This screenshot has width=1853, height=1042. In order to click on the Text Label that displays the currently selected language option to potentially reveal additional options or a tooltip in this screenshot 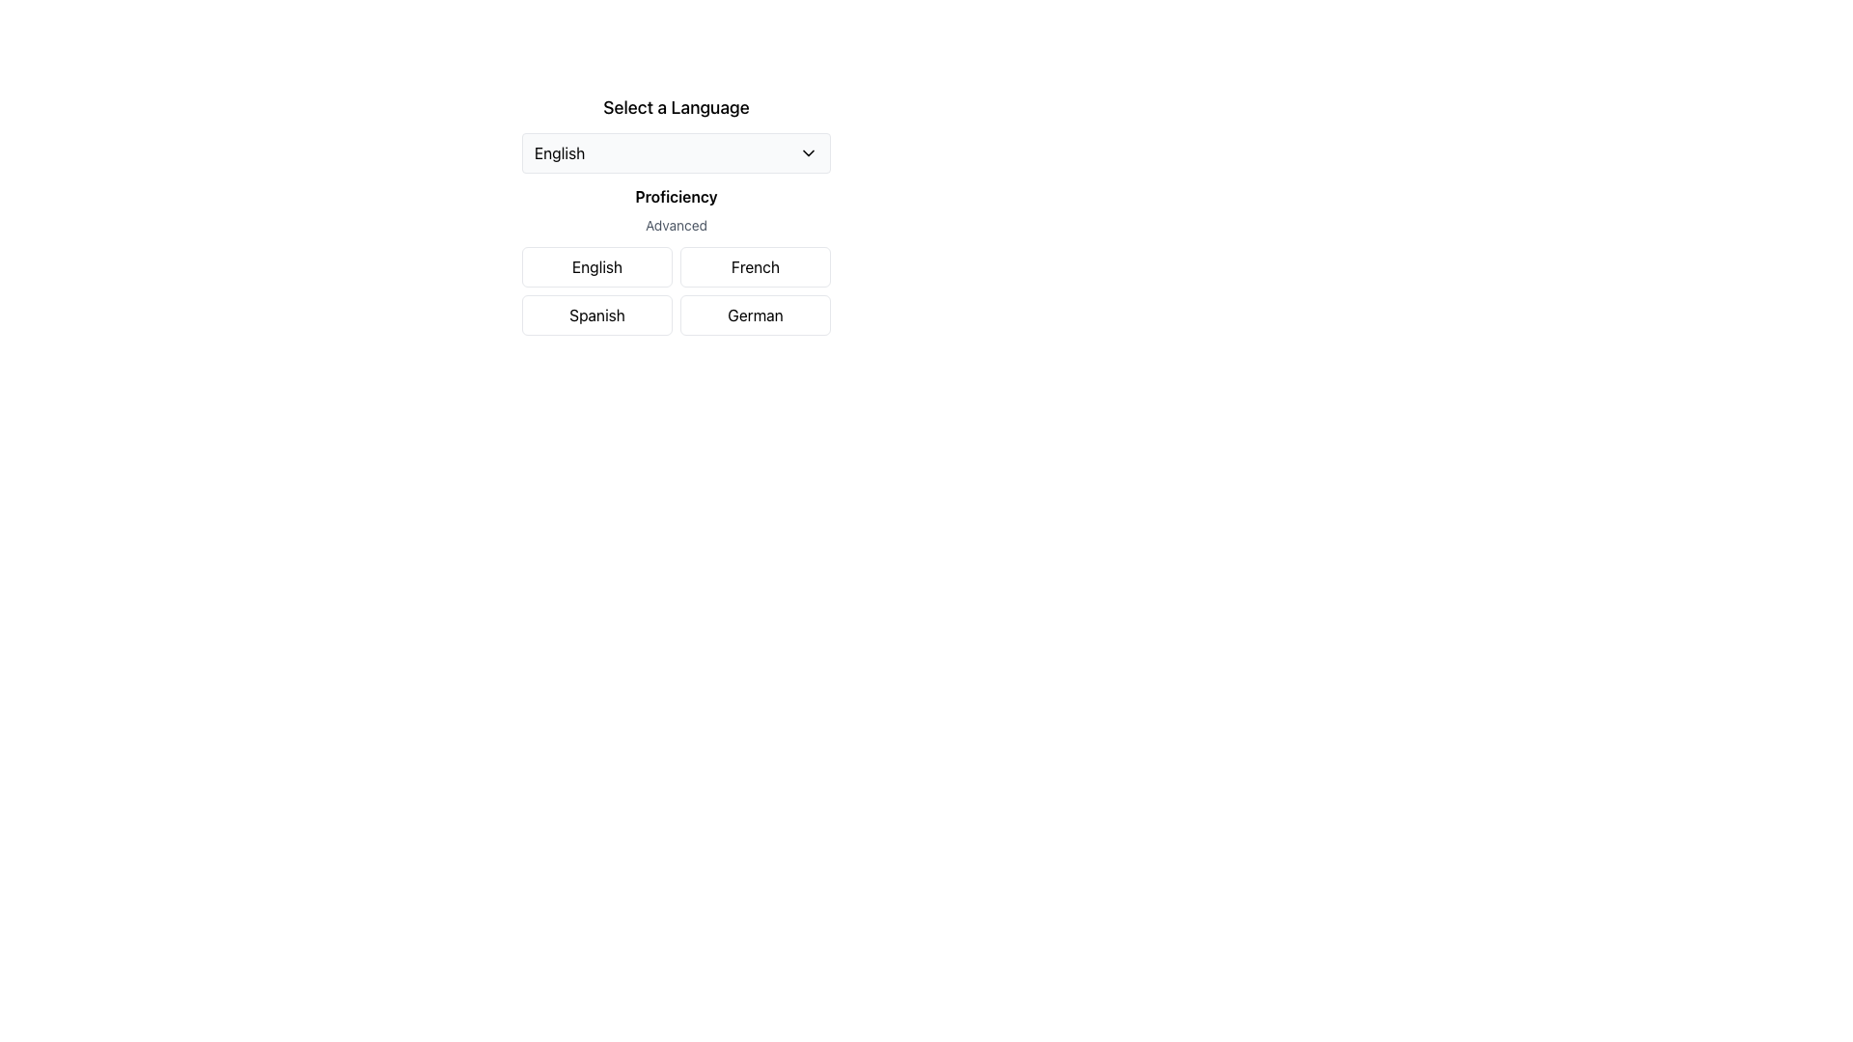, I will do `click(559, 151)`.